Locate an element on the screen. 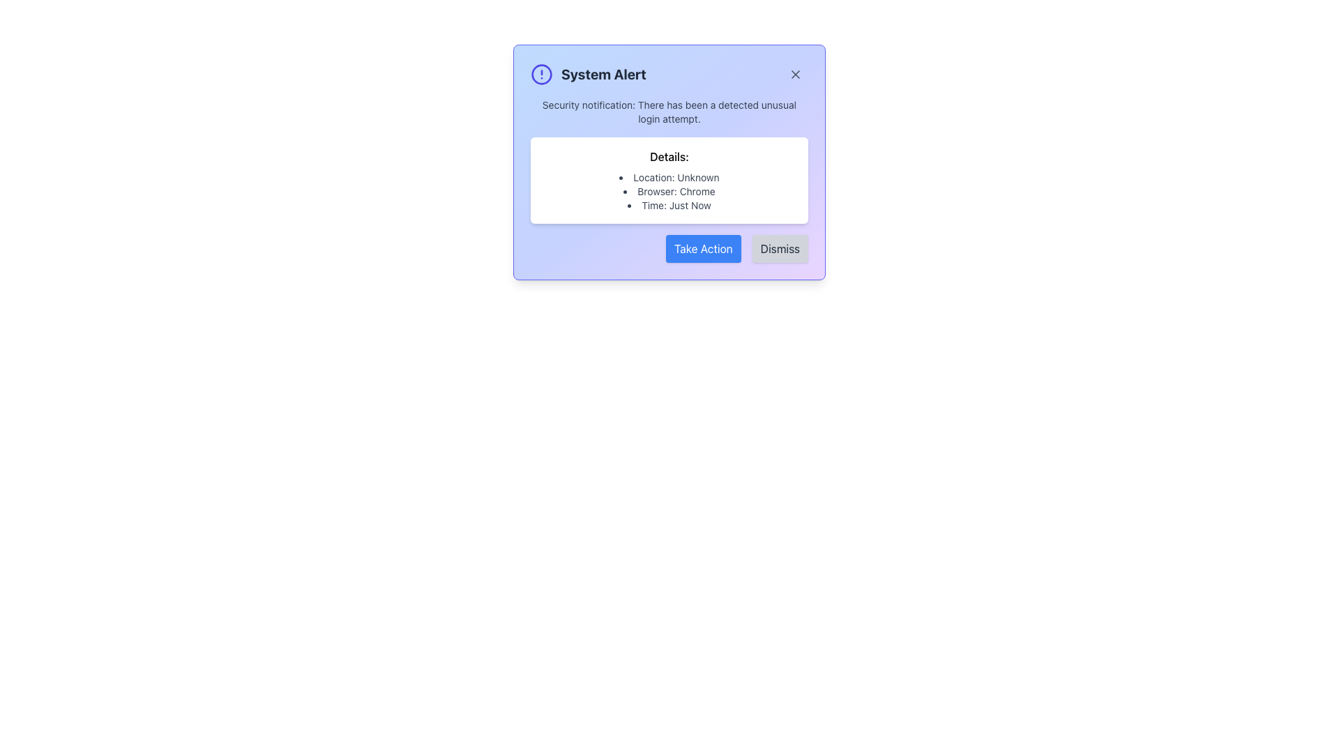 Image resolution: width=1339 pixels, height=753 pixels. the informational Text label that indicates the location associated with the notification, positioned at the top of the vertically aligned list in the dialog box is located at coordinates (669, 176).